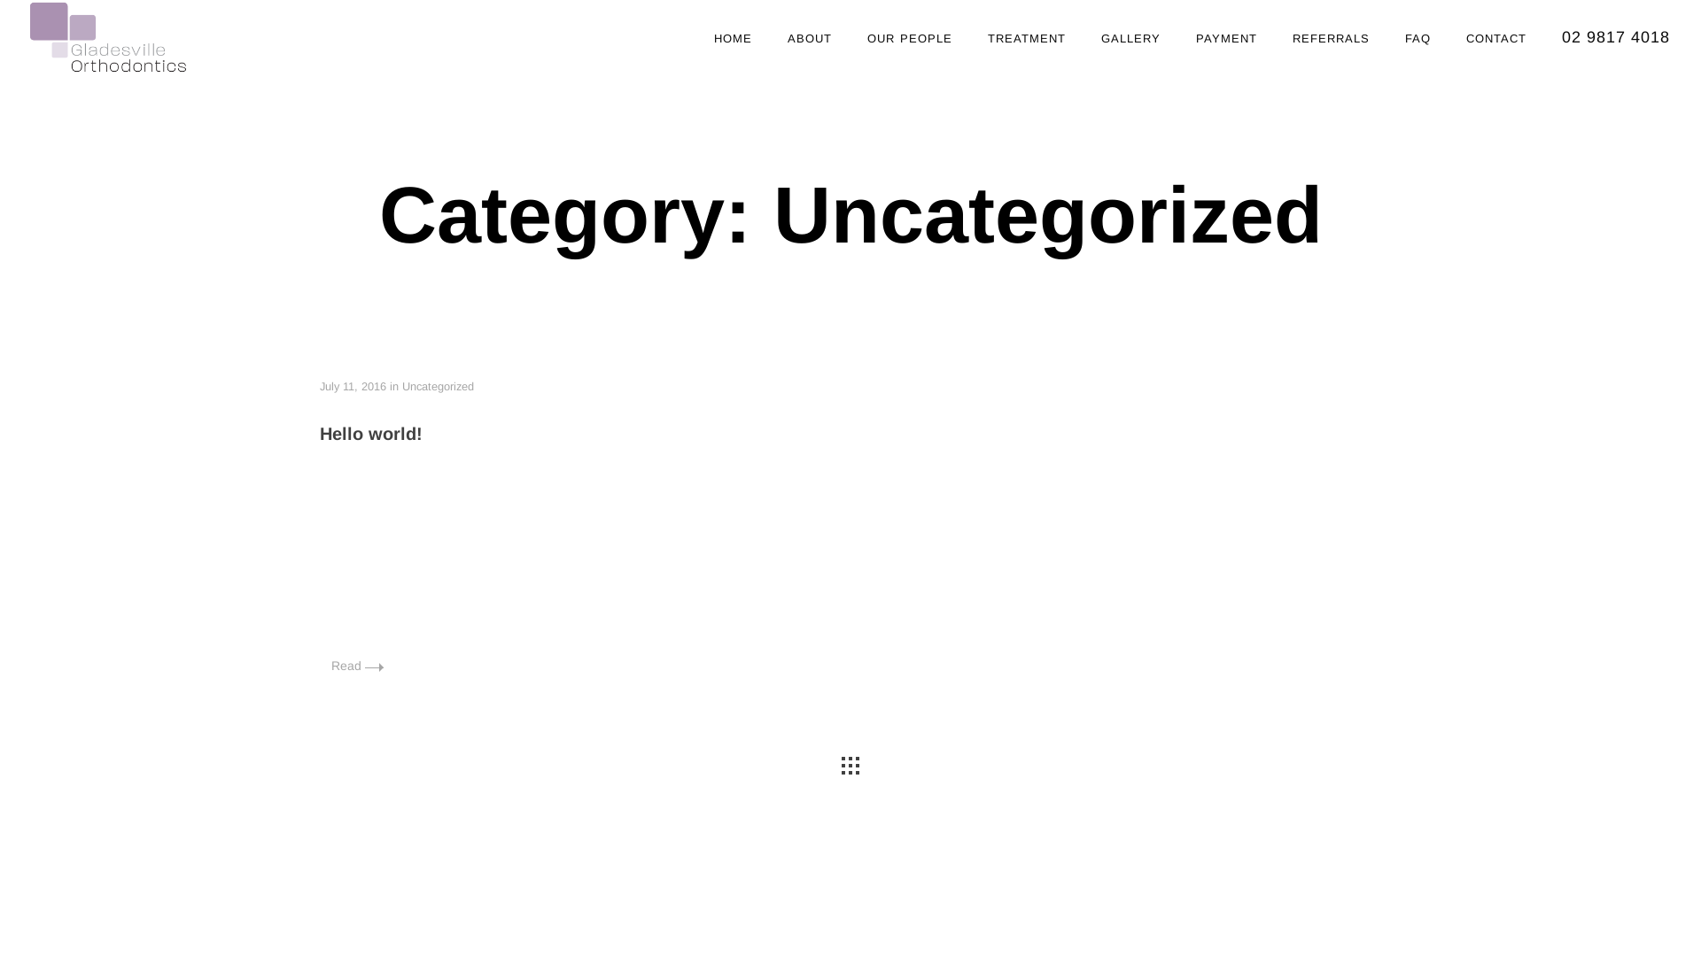  I want to click on 'contact', so click(1495, 37).